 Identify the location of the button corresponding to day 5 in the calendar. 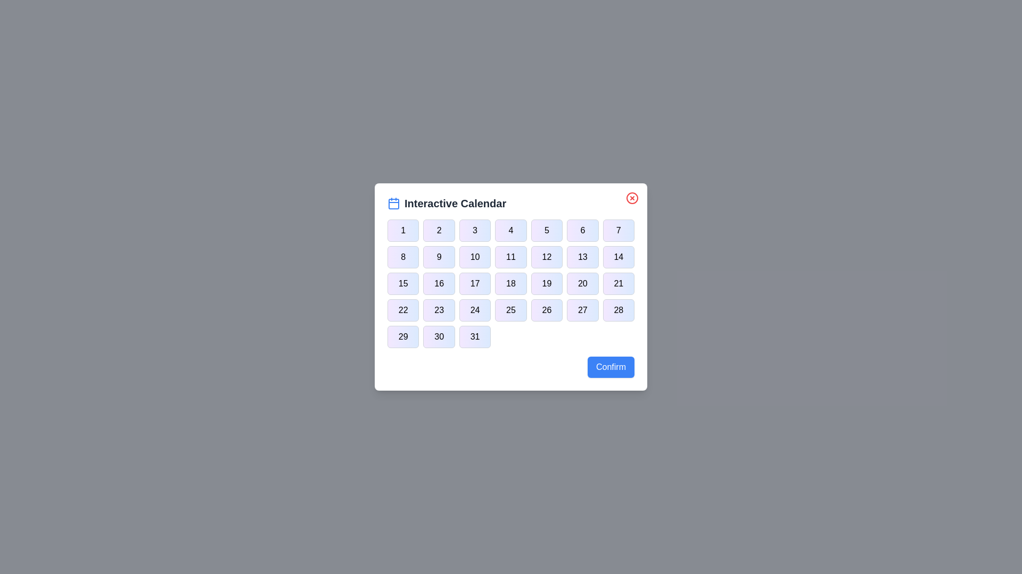
(547, 230).